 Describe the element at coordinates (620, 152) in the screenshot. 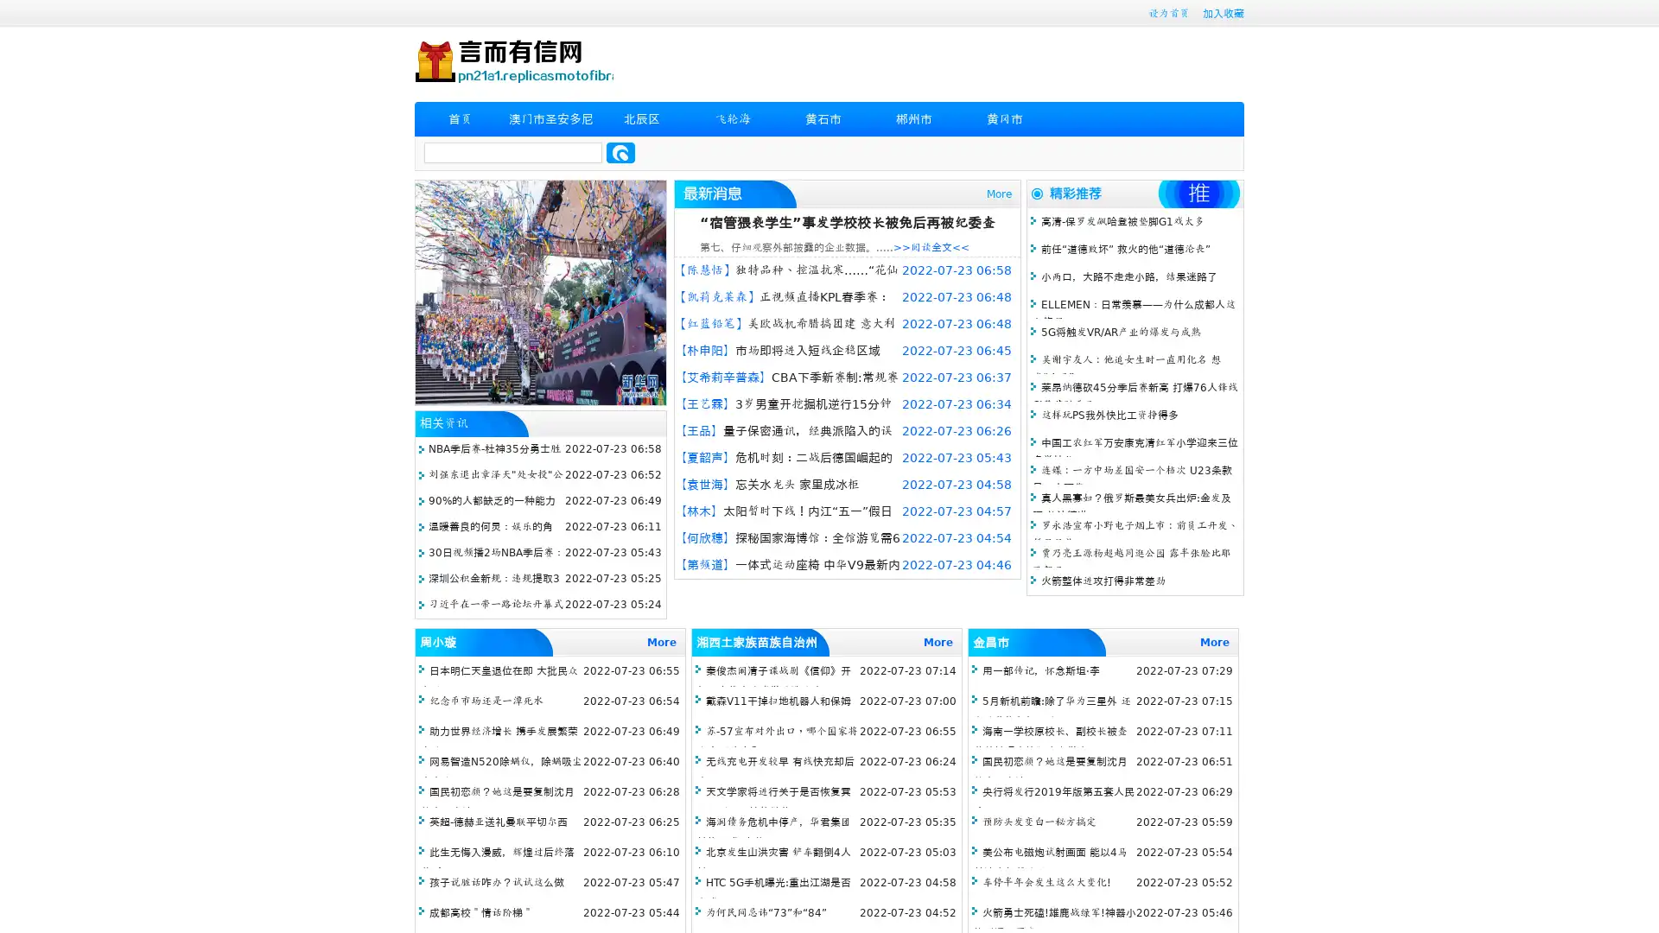

I see `Search` at that location.